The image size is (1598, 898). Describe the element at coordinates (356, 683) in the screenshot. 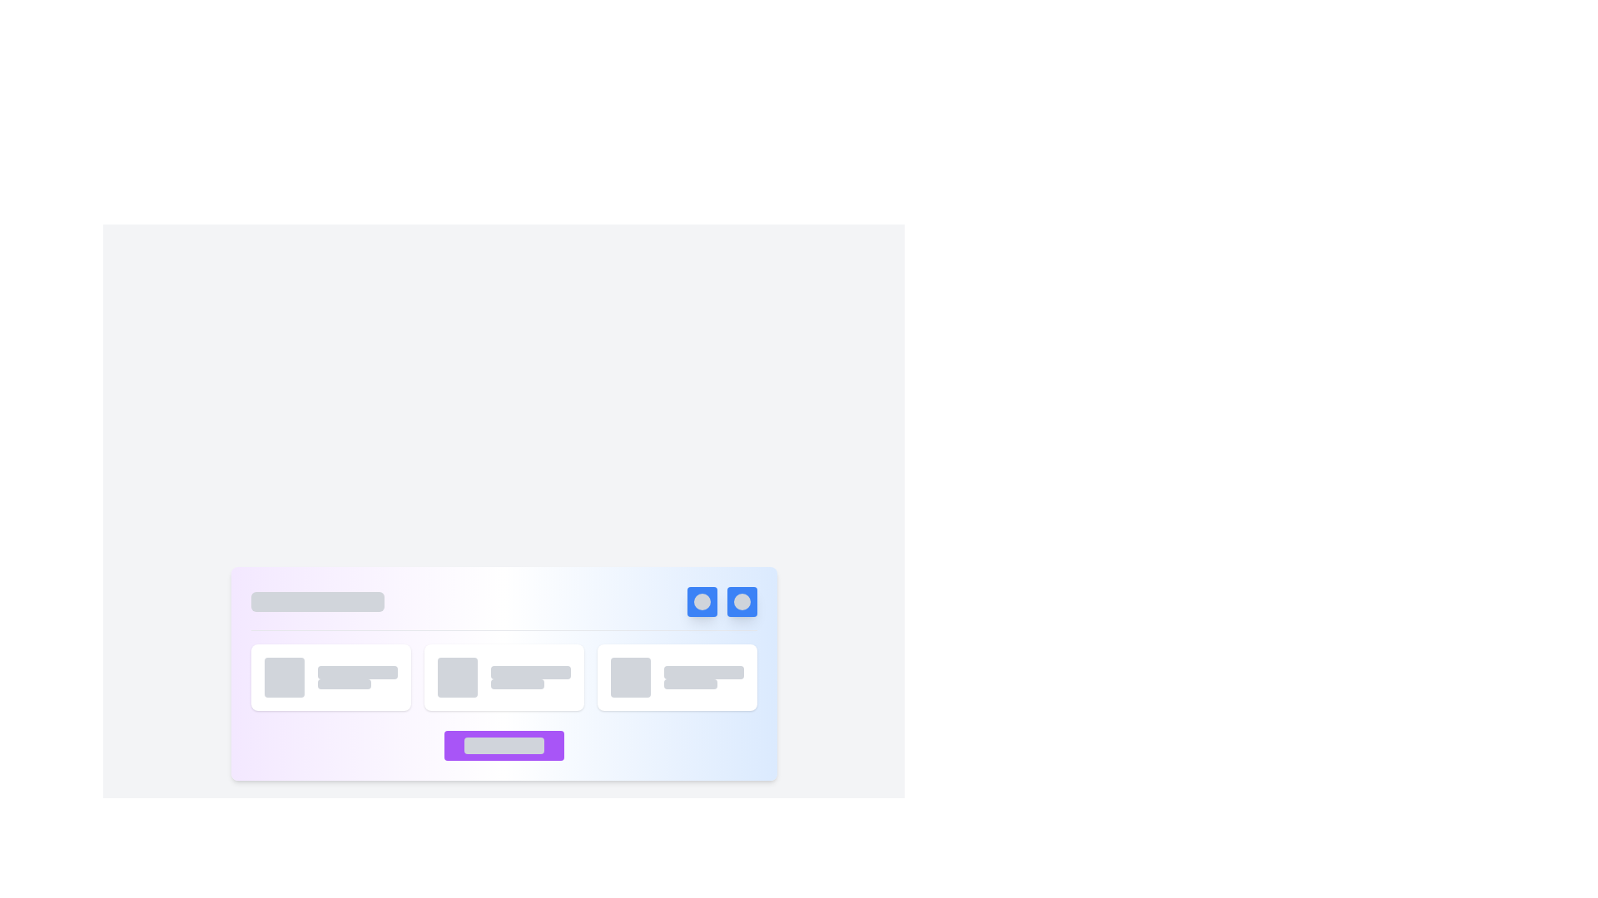

I see `the Placeholder Bar located in the lower portion of the second card in a horizontal list, which serves as a visual placeholder for text content` at that location.